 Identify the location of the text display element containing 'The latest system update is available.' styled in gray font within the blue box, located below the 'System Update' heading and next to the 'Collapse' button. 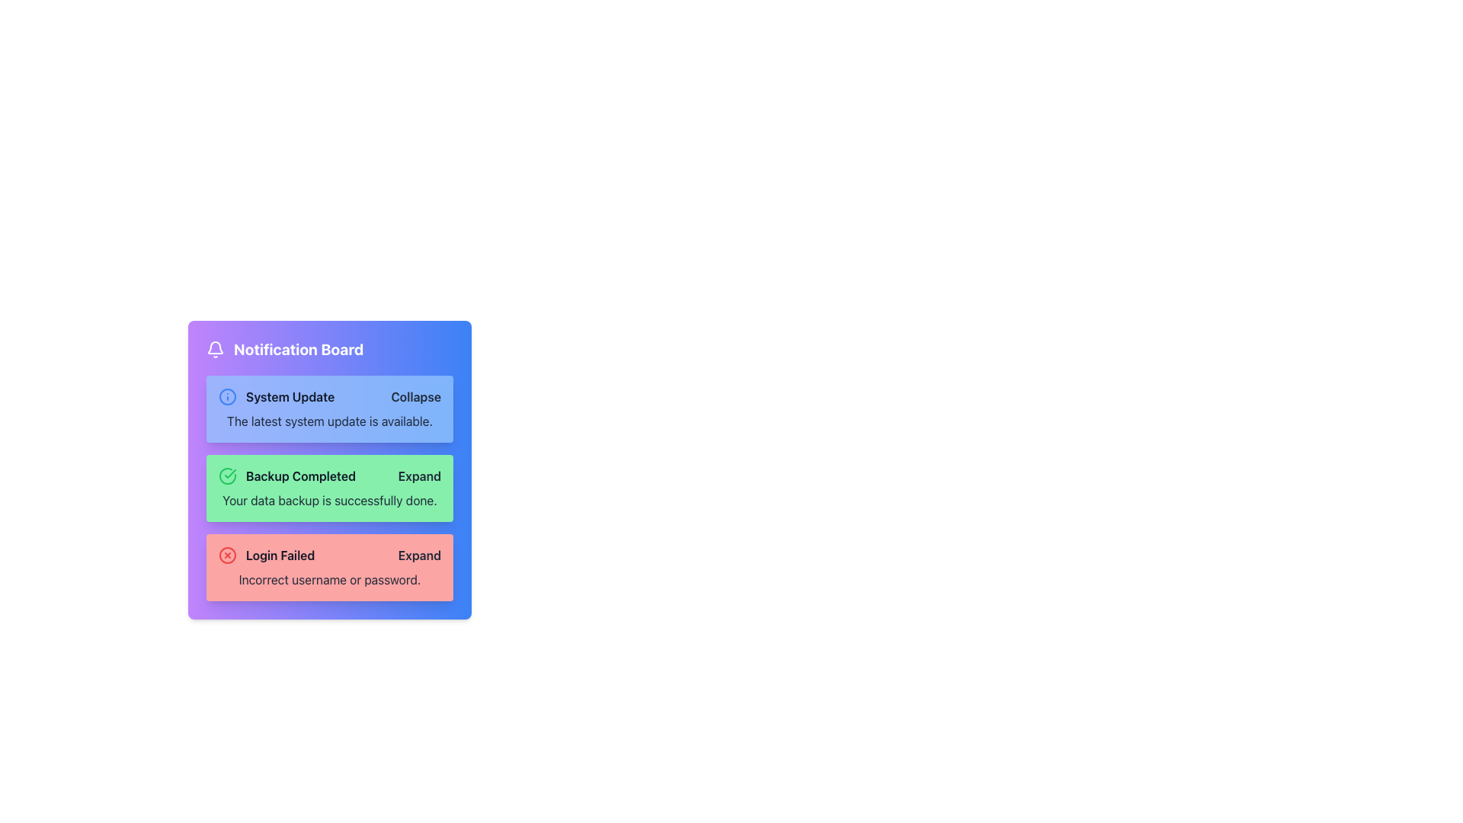
(328, 421).